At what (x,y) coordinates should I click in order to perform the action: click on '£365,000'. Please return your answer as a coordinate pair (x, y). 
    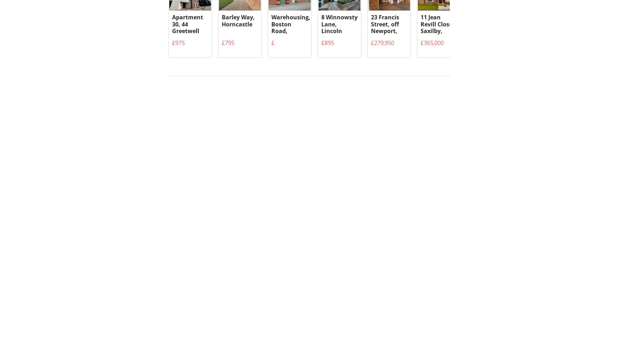
    Looking at the image, I should click on (432, 47).